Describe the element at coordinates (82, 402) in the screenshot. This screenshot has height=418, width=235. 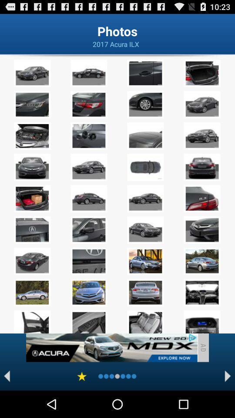
I see `the star icon` at that location.